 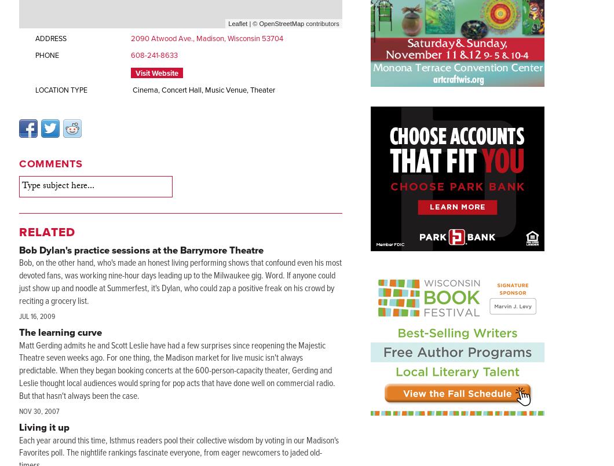 What do you see at coordinates (35, 55) in the screenshot?
I see `'Phone'` at bounding box center [35, 55].